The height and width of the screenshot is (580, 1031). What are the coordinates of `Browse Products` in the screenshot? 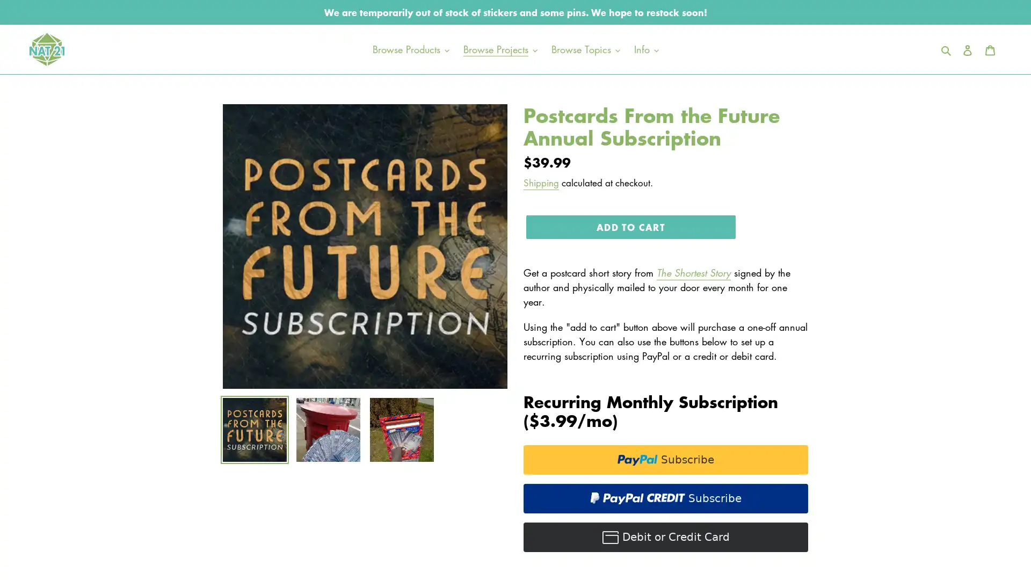 It's located at (410, 49).